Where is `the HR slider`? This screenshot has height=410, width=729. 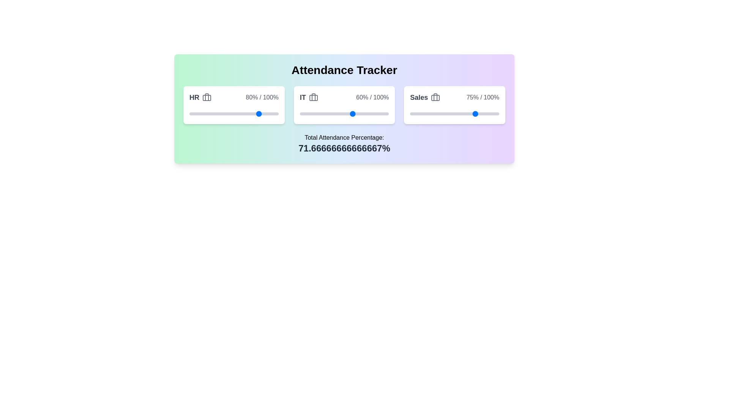 the HR slider is located at coordinates (263, 114).